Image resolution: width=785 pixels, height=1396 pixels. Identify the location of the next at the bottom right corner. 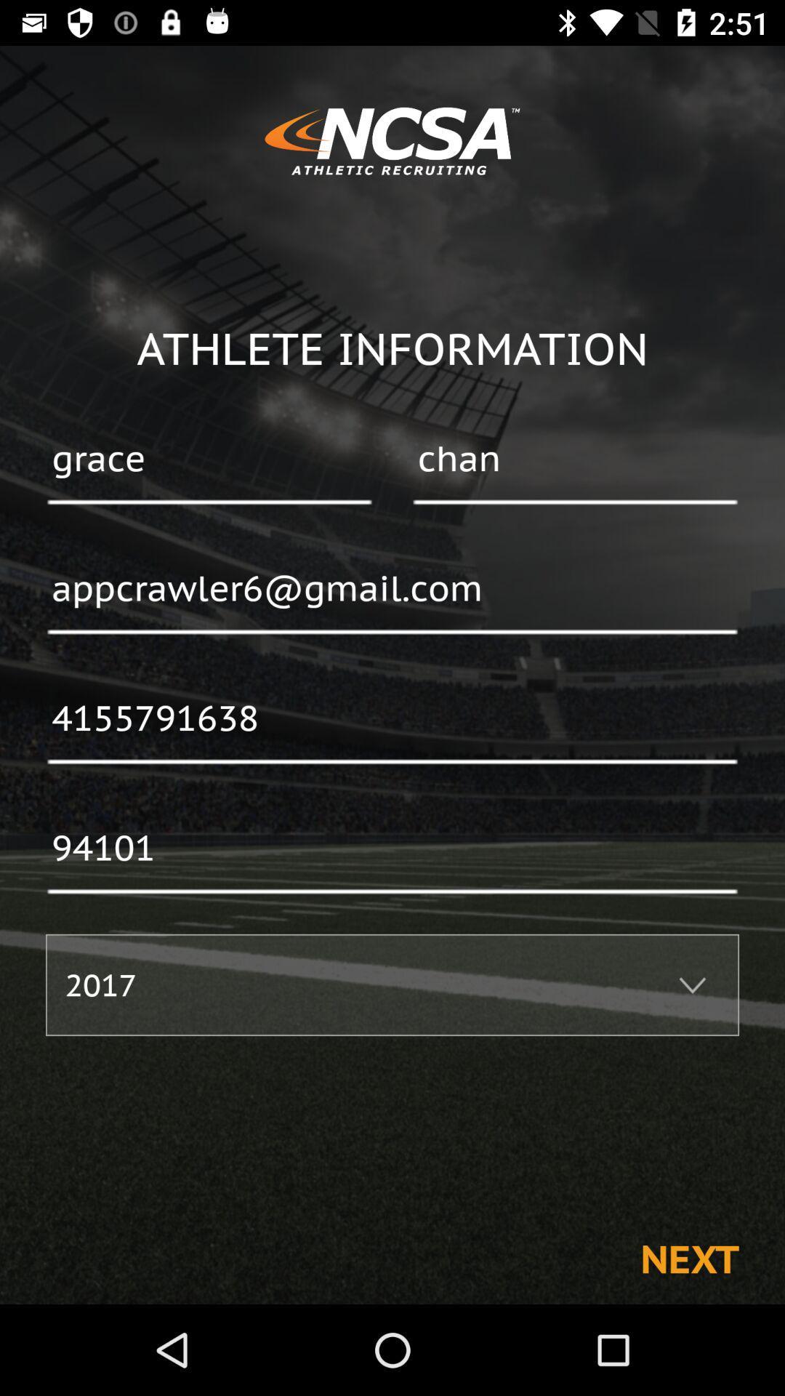
(689, 1258).